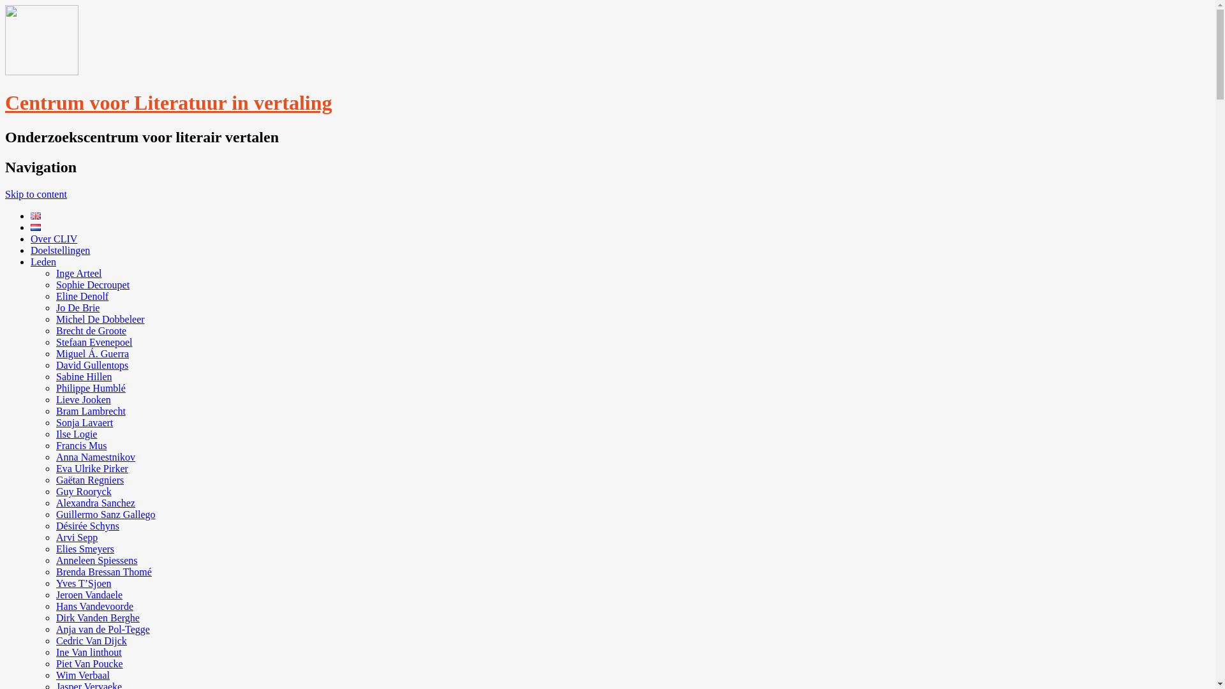 The width and height of the screenshot is (1225, 689). I want to click on 'Leden', so click(43, 261).